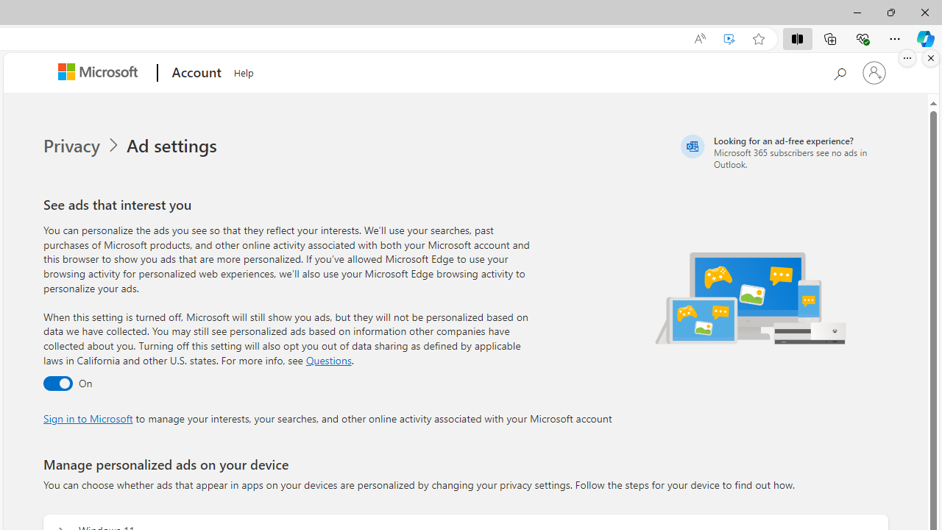 This screenshot has height=530, width=942. Describe the element at coordinates (857, 12) in the screenshot. I see `'Minimize'` at that location.